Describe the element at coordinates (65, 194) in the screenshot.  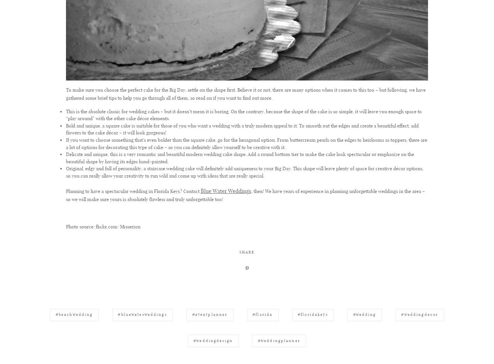
I see `', then! We have years of experience in planning unforgettable weddings in the area – so we will make sure yours is absolutely flawless and truly unforgettable too!'` at that location.